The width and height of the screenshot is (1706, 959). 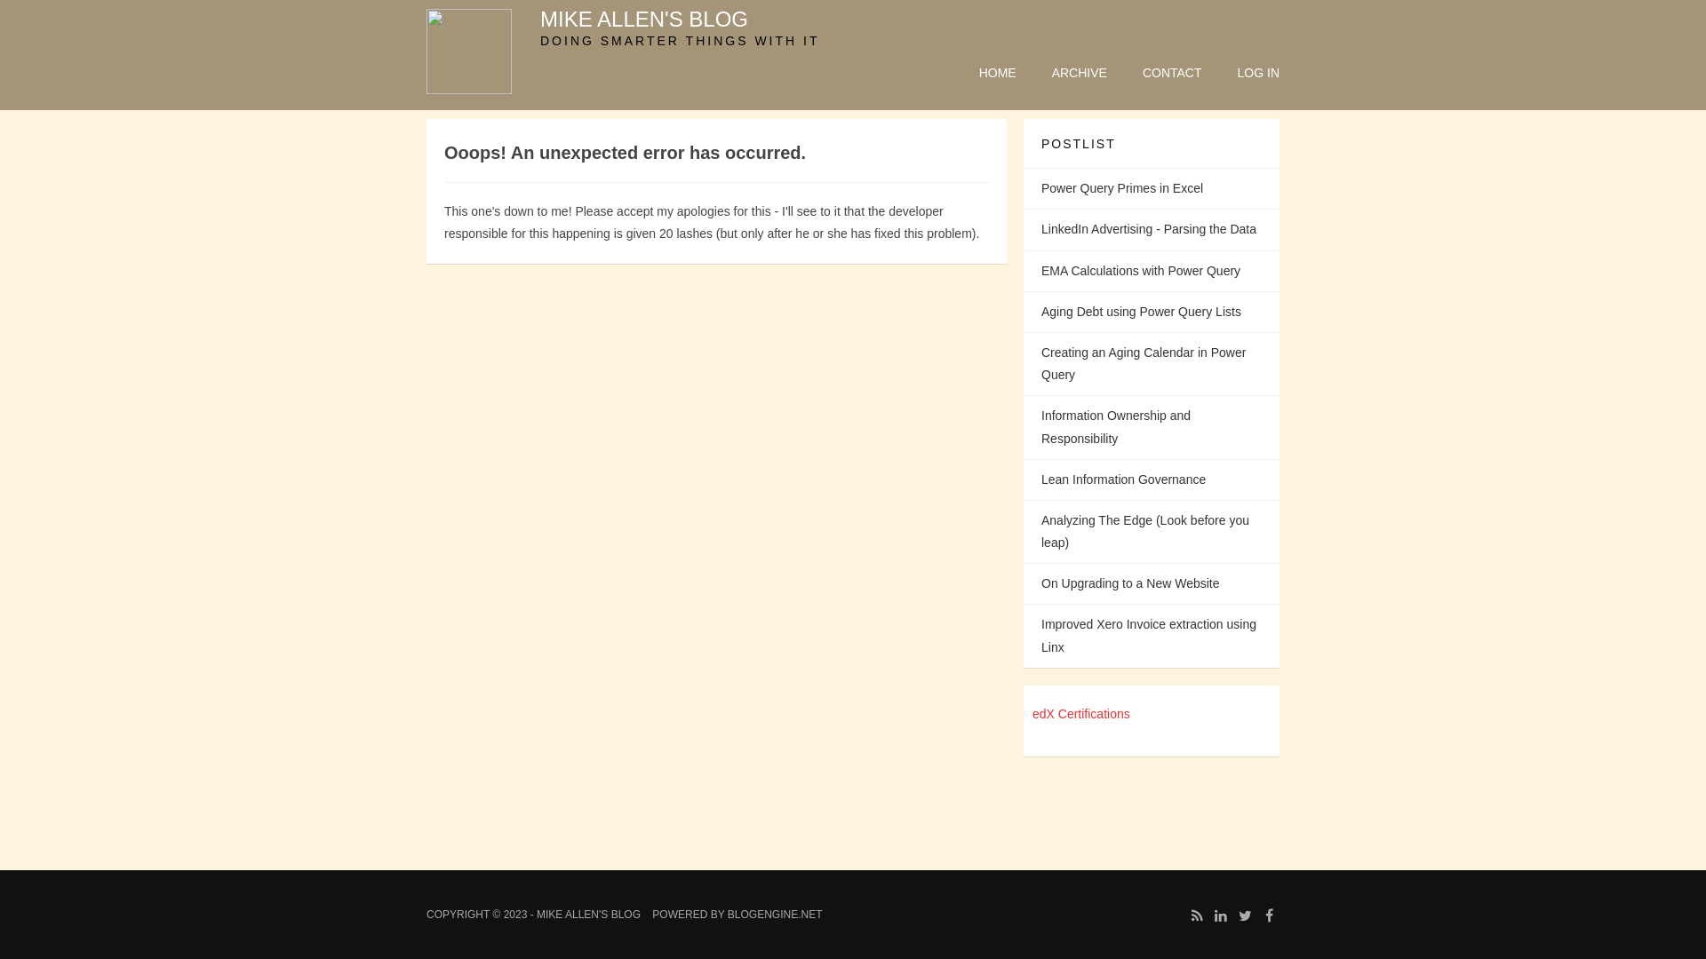 What do you see at coordinates (1152, 271) in the screenshot?
I see `'EMA Calculations with Power Query'` at bounding box center [1152, 271].